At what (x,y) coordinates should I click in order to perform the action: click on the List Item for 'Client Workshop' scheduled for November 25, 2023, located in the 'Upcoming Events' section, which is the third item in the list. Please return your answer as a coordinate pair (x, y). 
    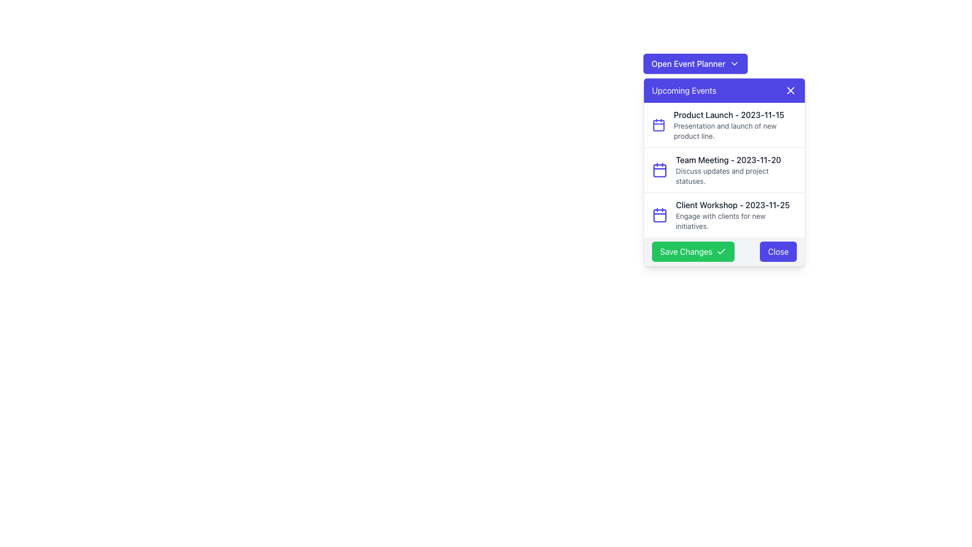
    Looking at the image, I should click on (723, 214).